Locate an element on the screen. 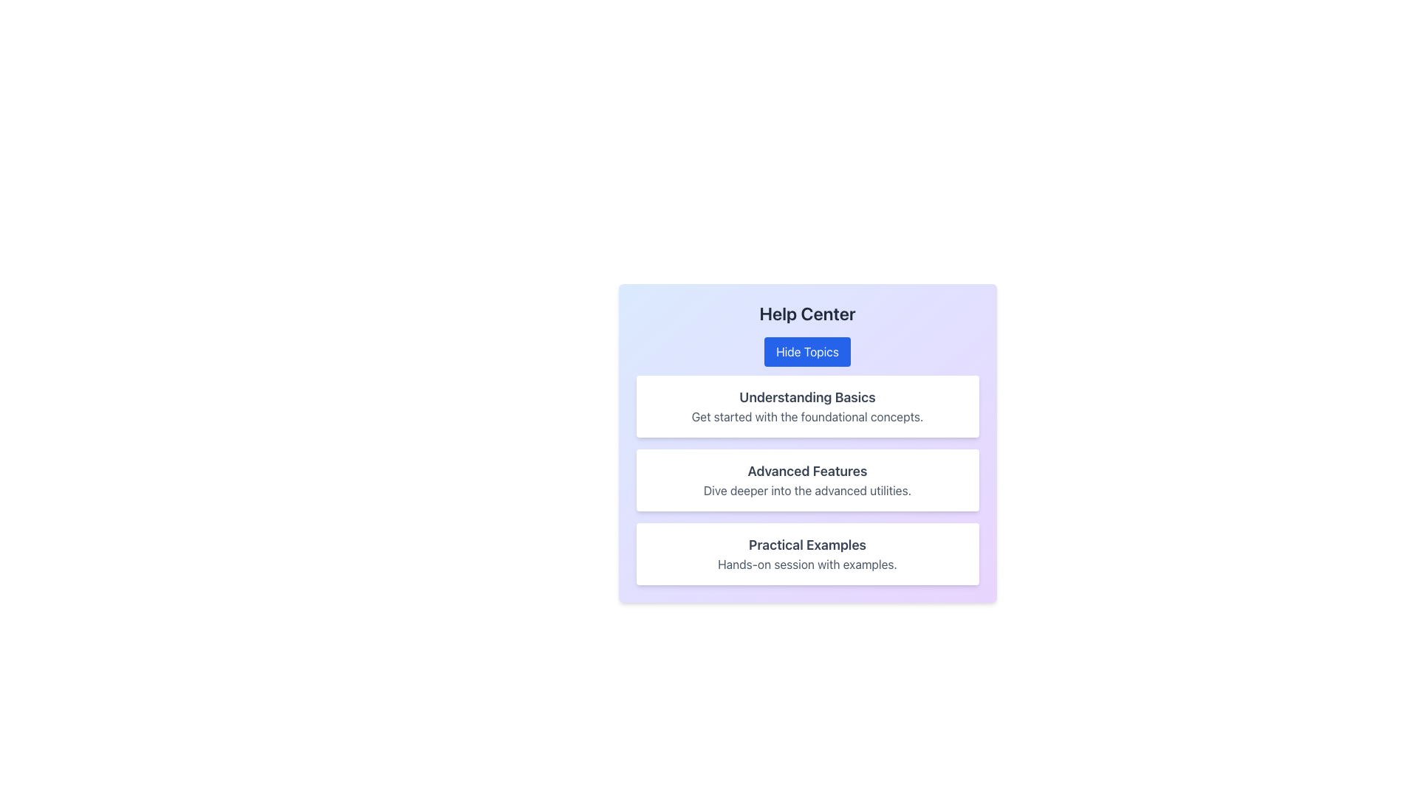 The width and height of the screenshot is (1418, 797). the descriptive Text Label that provides additional information about the 'Advanced Features' section, located in the middle section of a card below the 'Advanced Features' title is located at coordinates (806, 490).